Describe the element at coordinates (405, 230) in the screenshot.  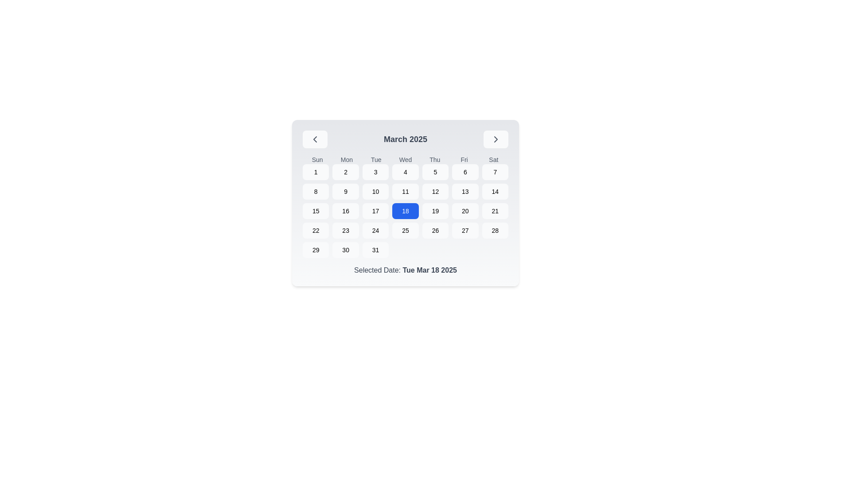
I see `the square button with rounded corners labeled '25' in the calendar layout` at that location.